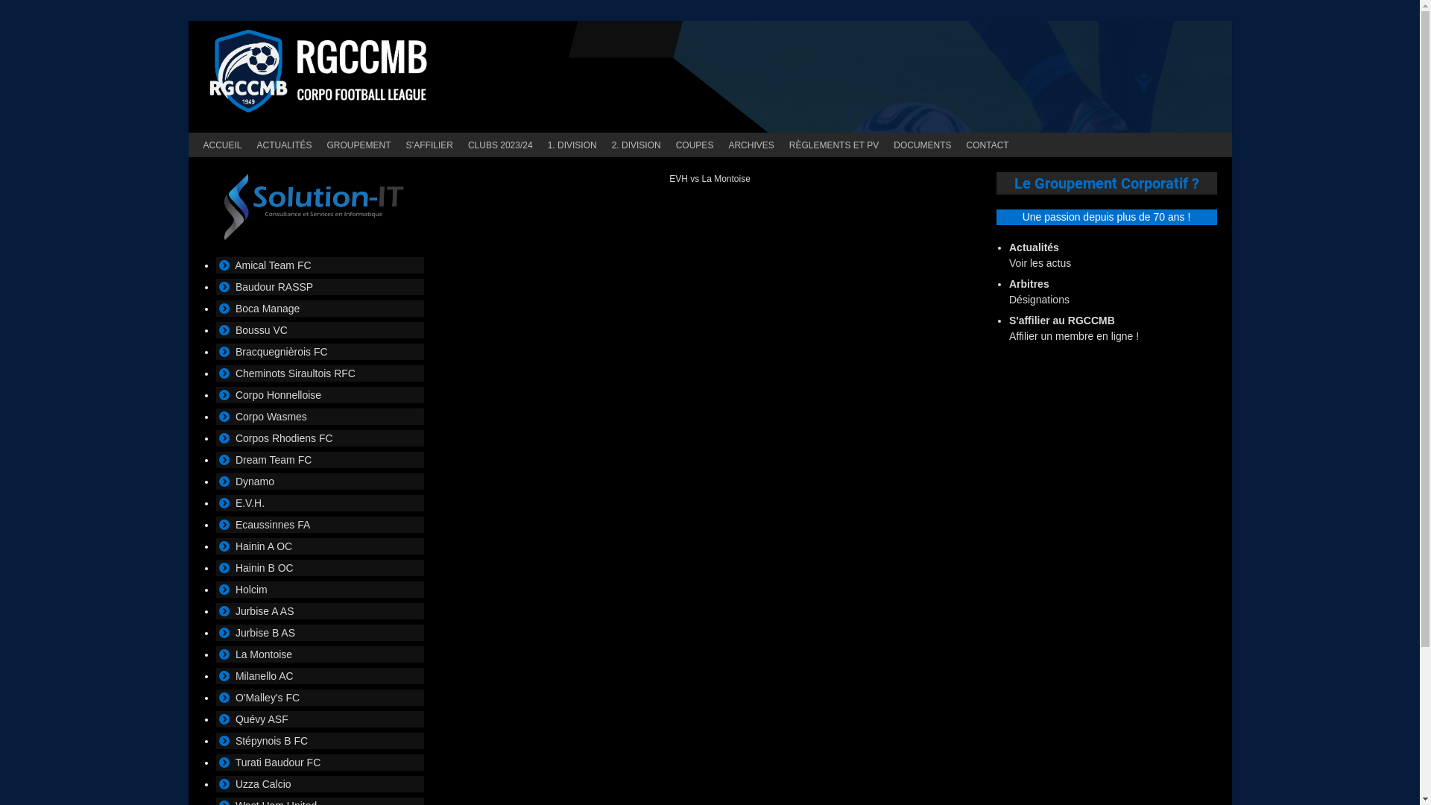 This screenshot has width=1431, height=805. I want to click on 'Holcim', so click(251, 588).